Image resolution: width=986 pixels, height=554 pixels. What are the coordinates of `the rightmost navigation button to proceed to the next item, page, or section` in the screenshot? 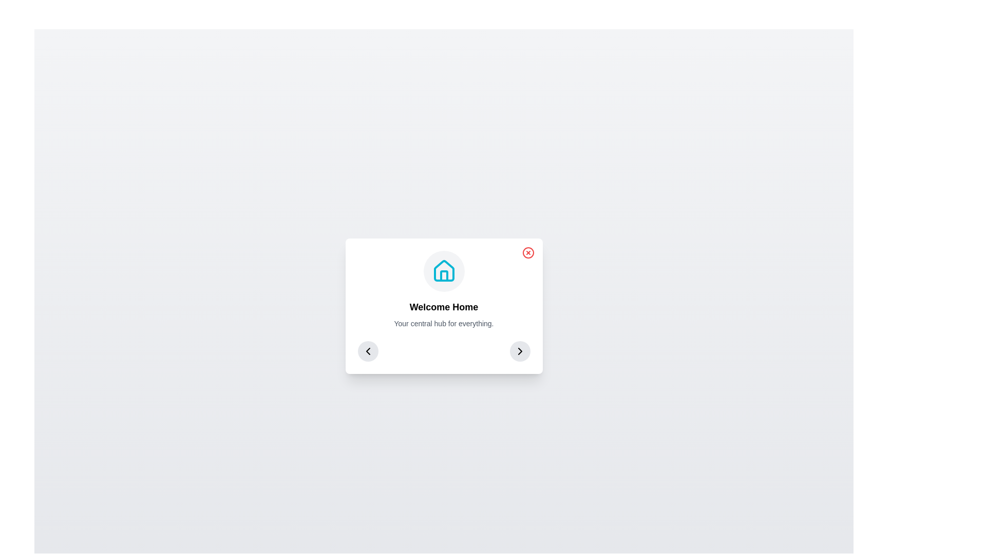 It's located at (520, 351).